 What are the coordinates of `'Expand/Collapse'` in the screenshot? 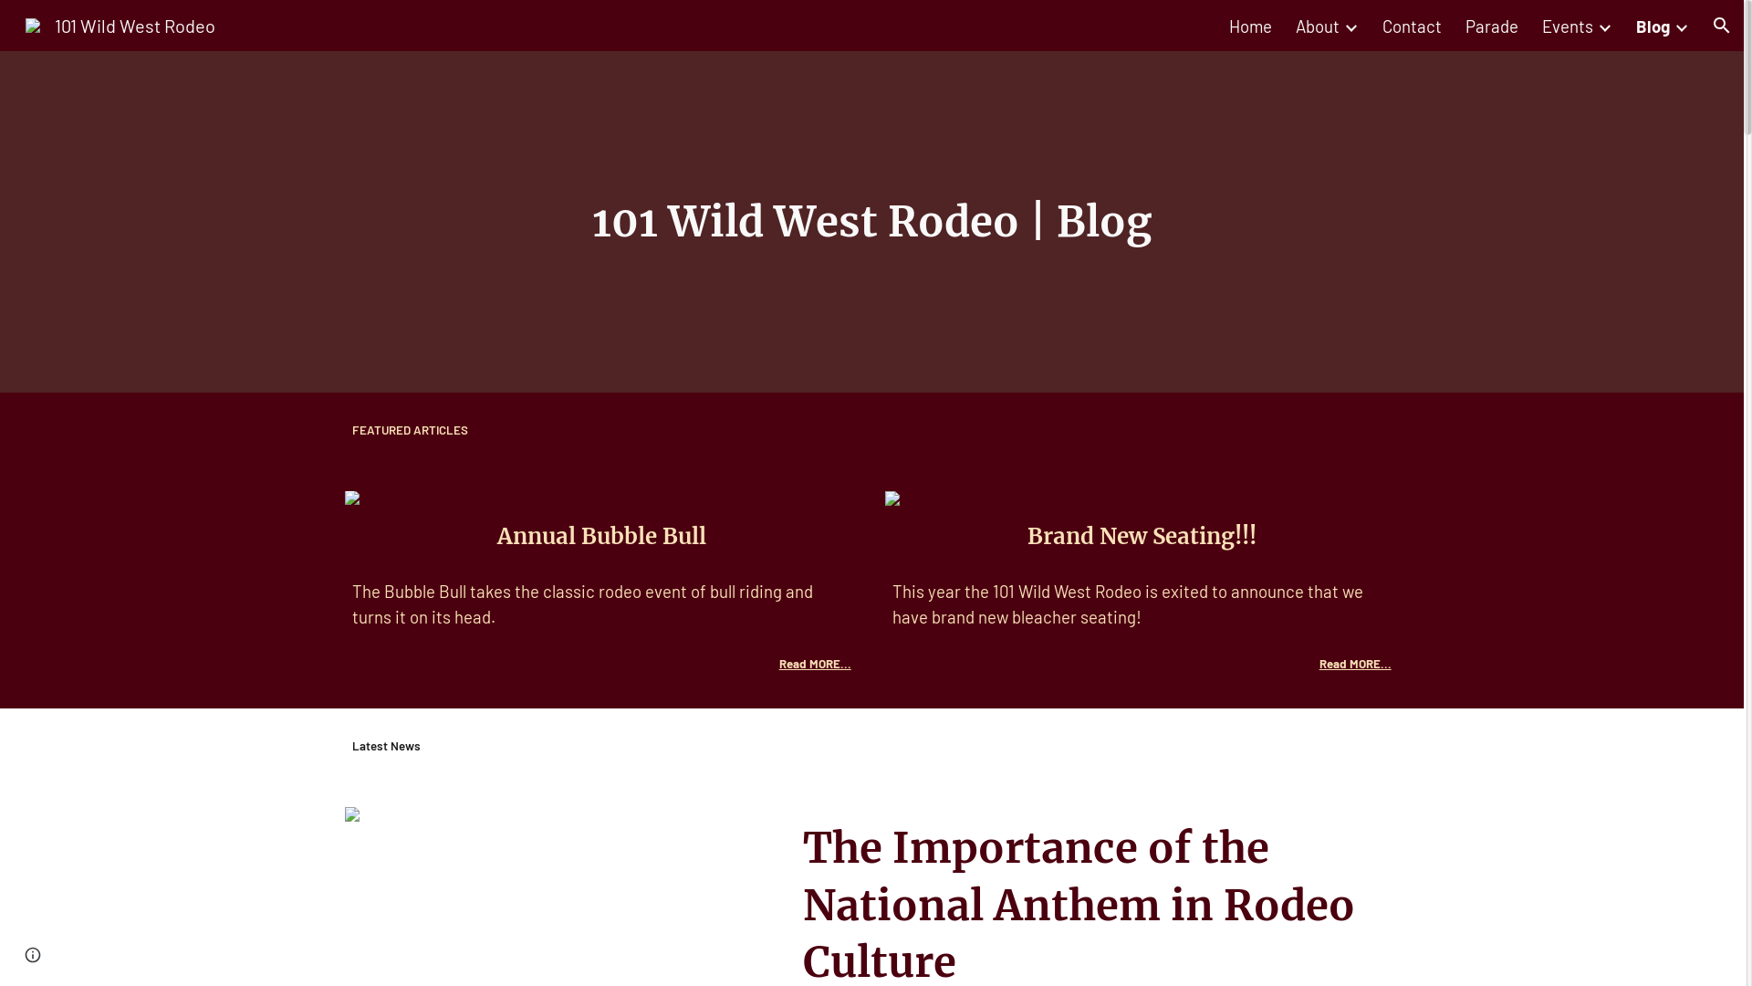 It's located at (1680, 25).